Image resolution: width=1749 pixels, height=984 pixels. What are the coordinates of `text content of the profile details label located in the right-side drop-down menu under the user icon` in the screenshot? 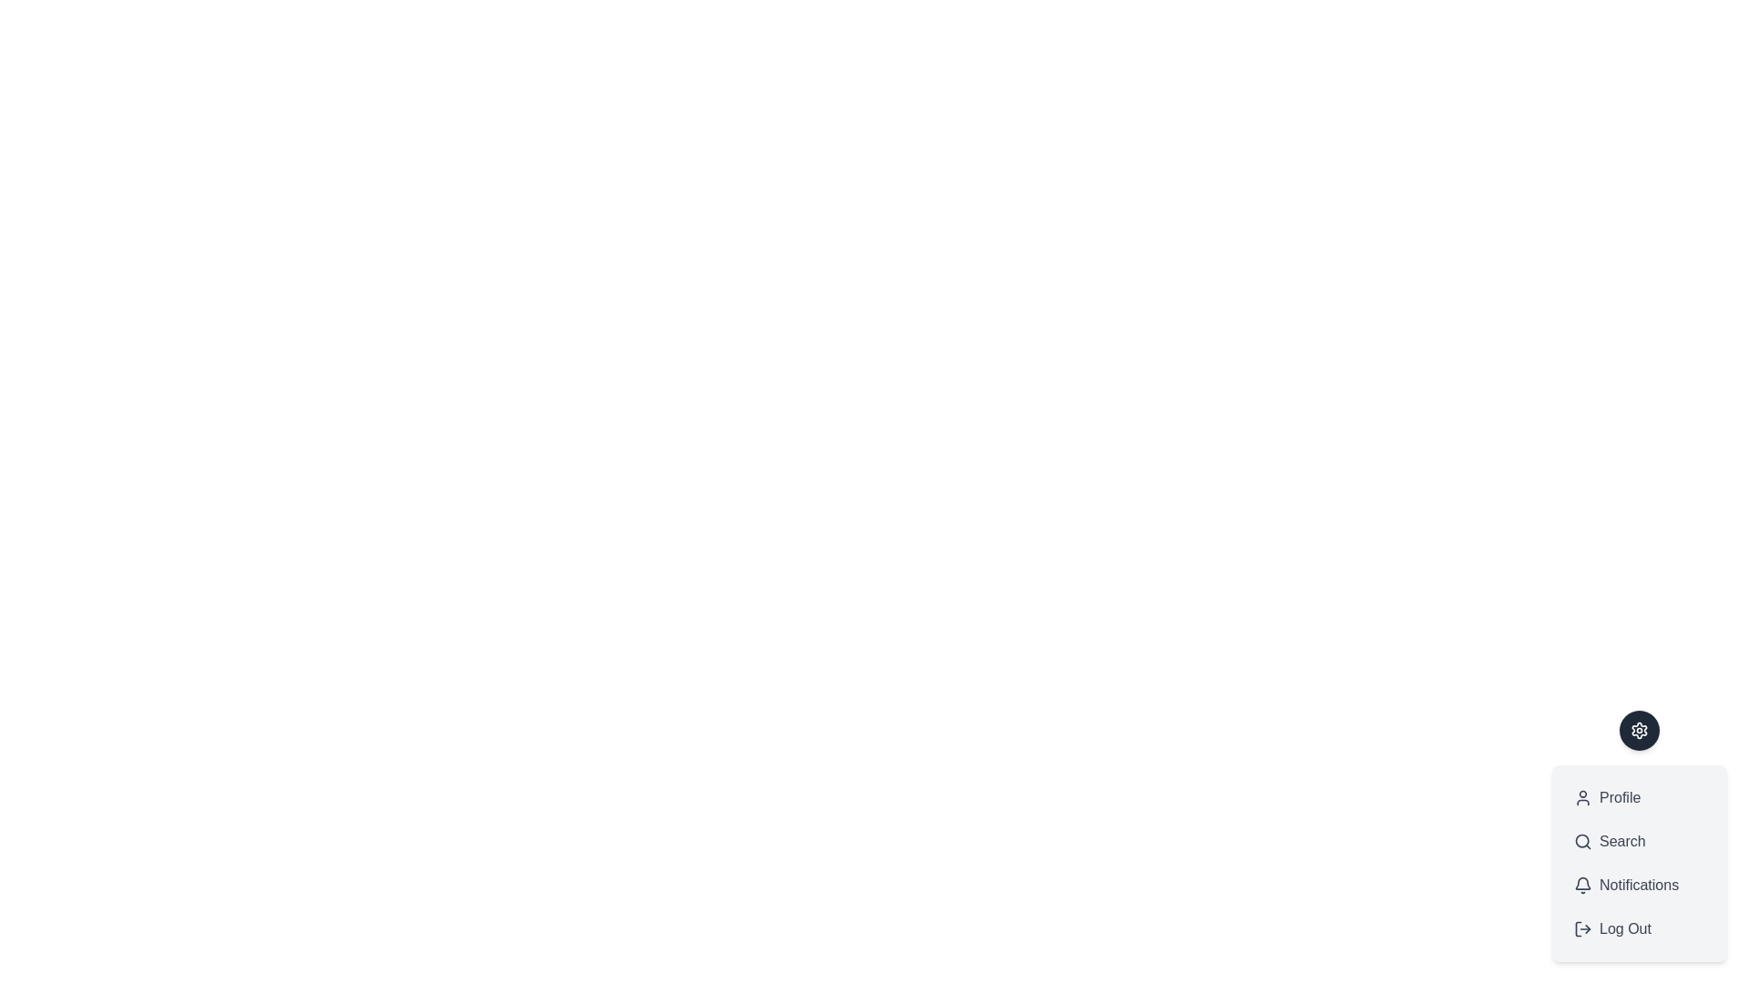 It's located at (1620, 796).